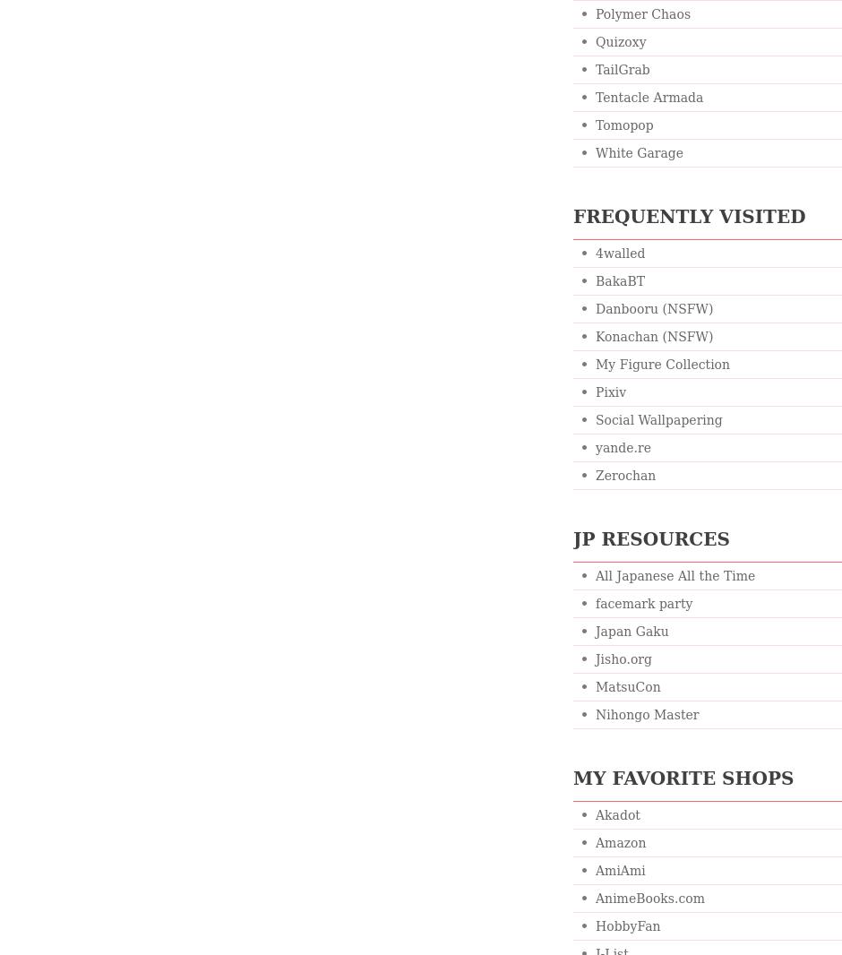  Describe the element at coordinates (609, 392) in the screenshot. I see `'Pixiv'` at that location.